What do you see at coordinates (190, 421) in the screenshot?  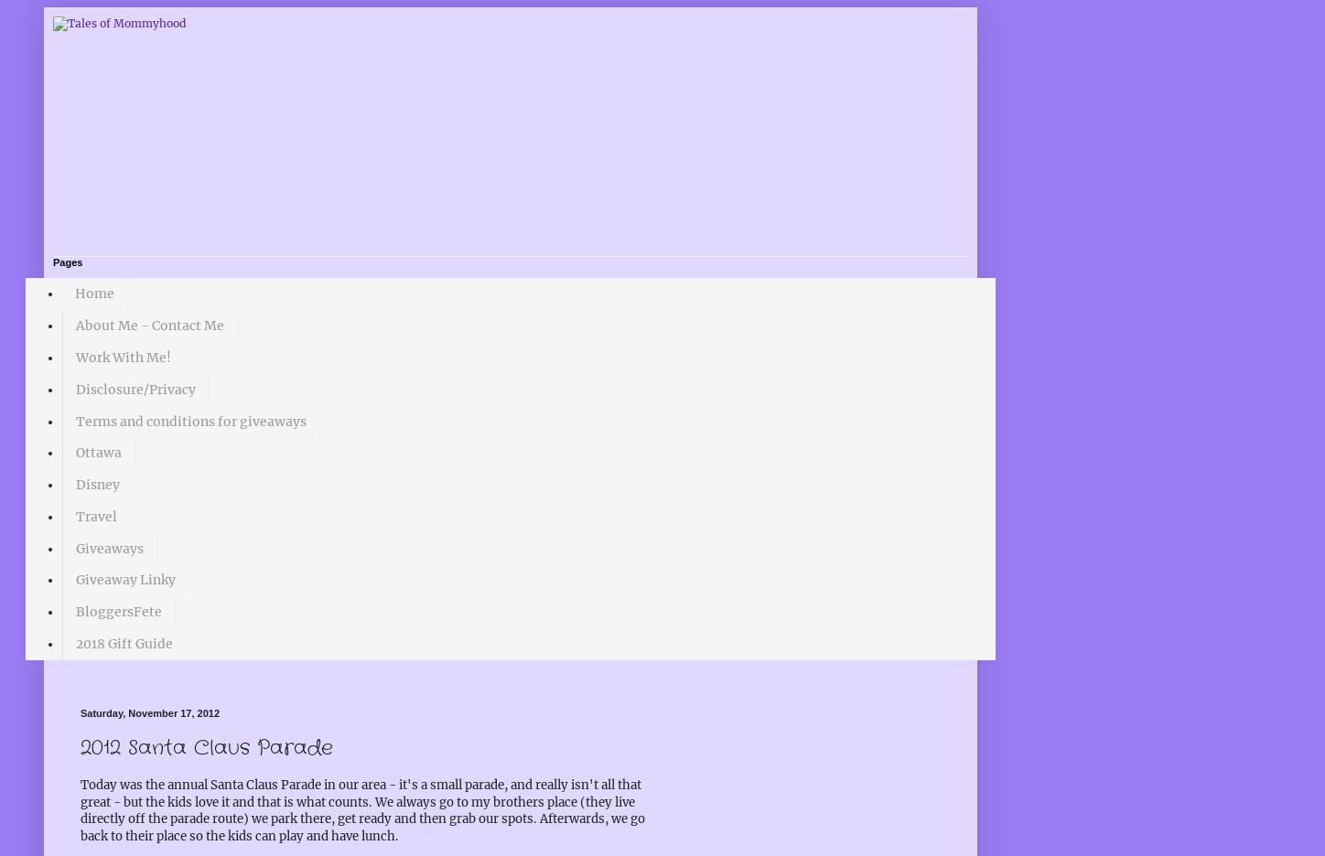 I see `'Terms and conditions for giveaways'` at bounding box center [190, 421].